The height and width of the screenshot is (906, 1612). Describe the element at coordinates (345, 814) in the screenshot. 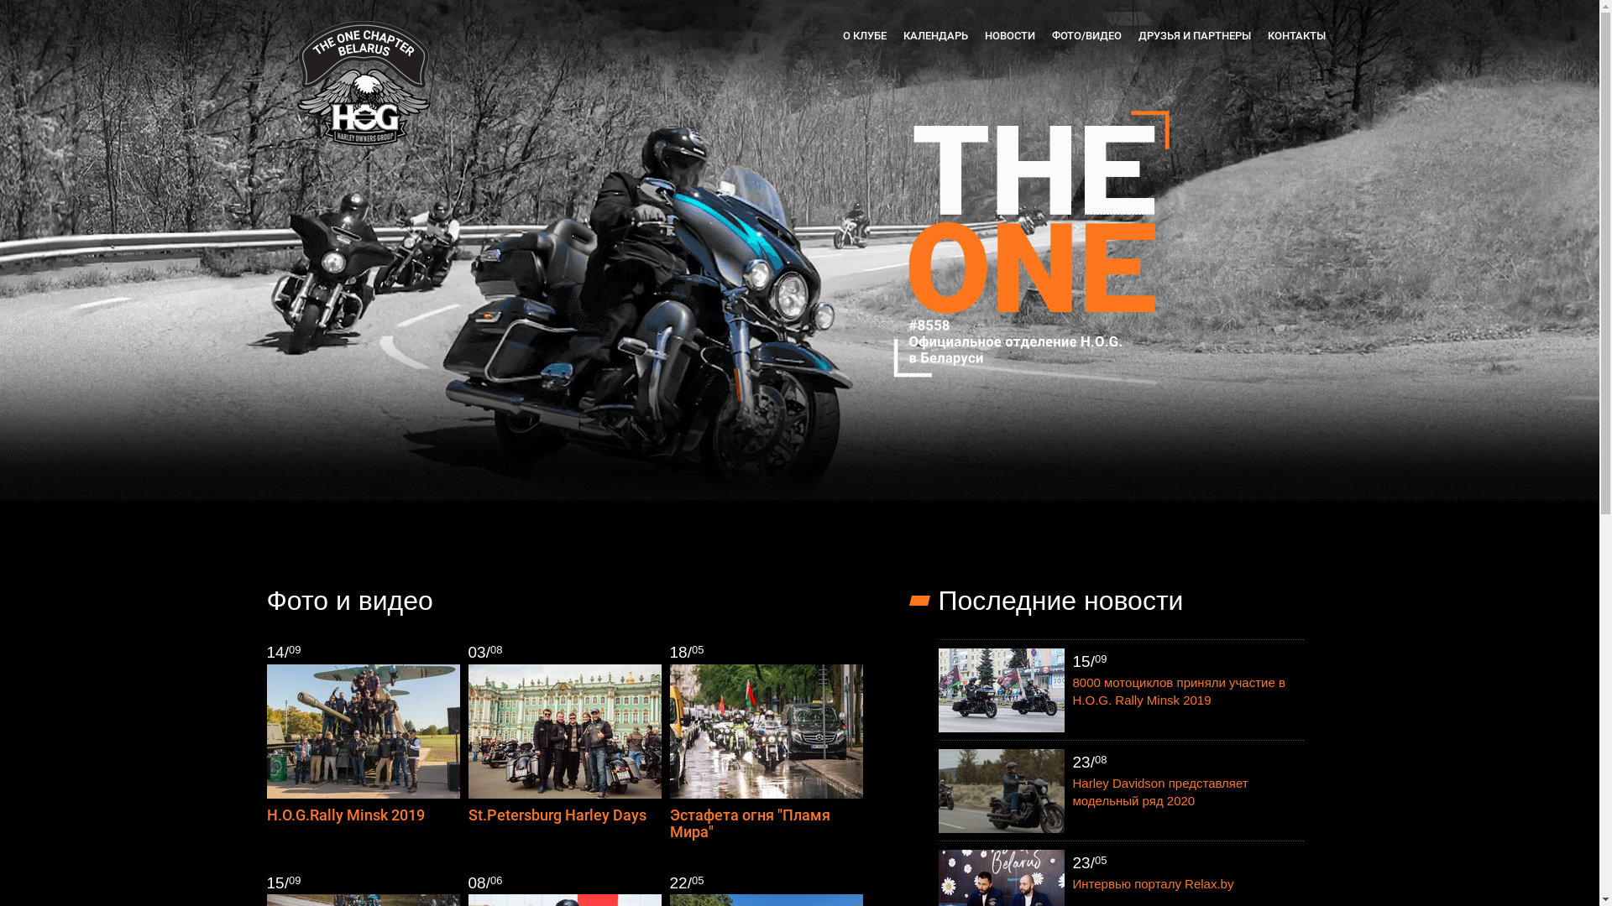

I see `'H.O.G.Rally Minsk 2019'` at that location.